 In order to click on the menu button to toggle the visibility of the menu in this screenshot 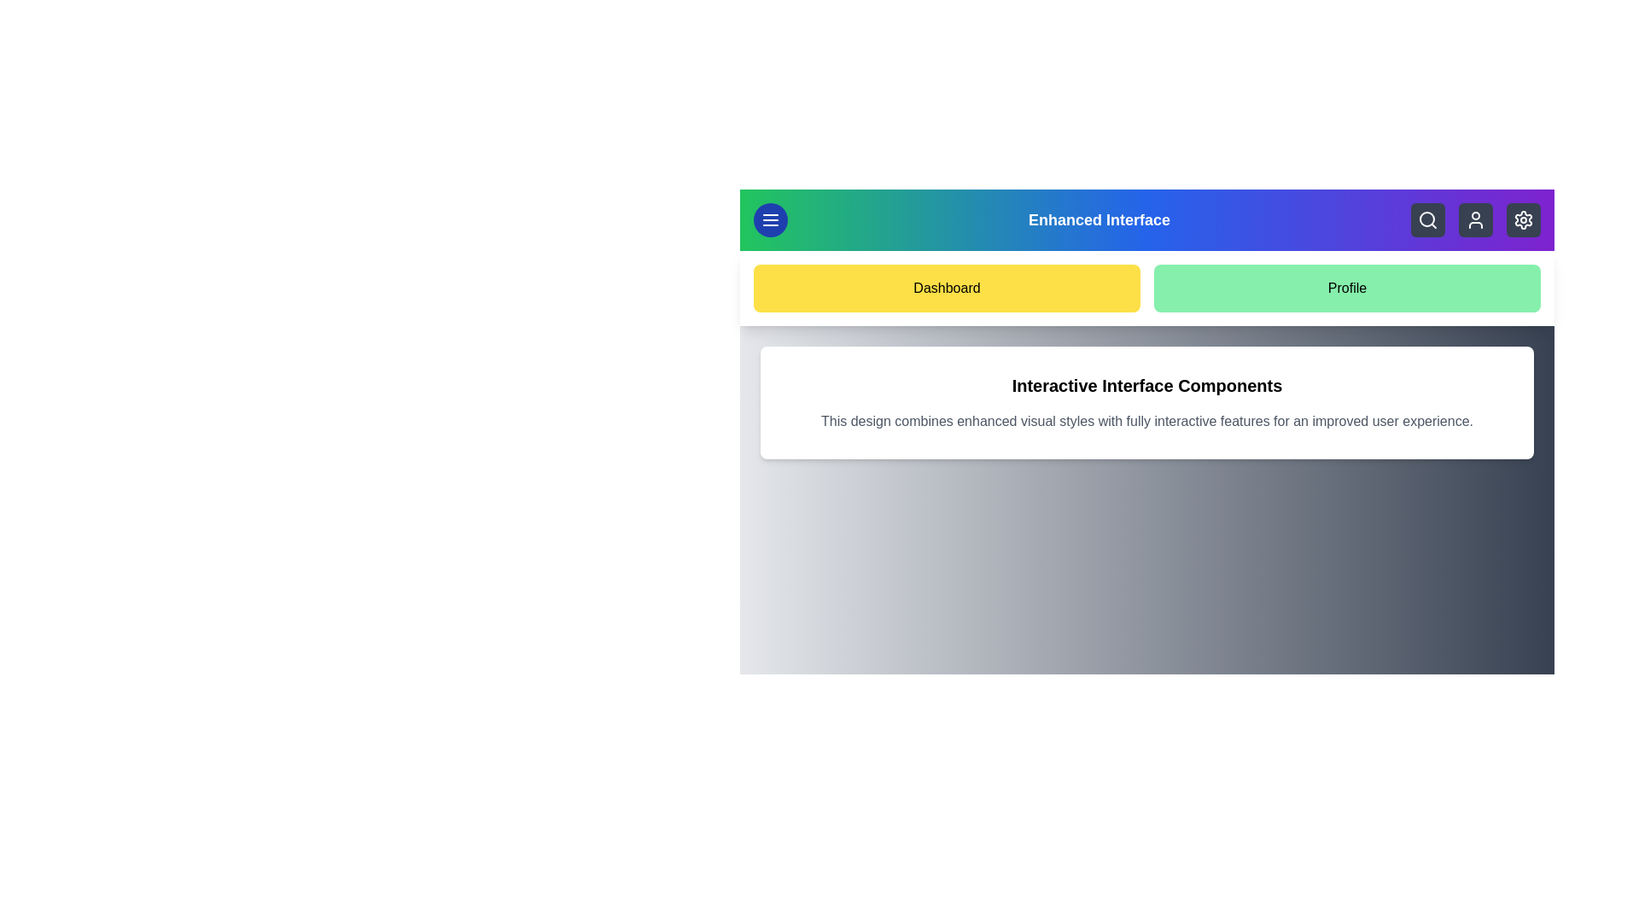, I will do `click(769, 219)`.